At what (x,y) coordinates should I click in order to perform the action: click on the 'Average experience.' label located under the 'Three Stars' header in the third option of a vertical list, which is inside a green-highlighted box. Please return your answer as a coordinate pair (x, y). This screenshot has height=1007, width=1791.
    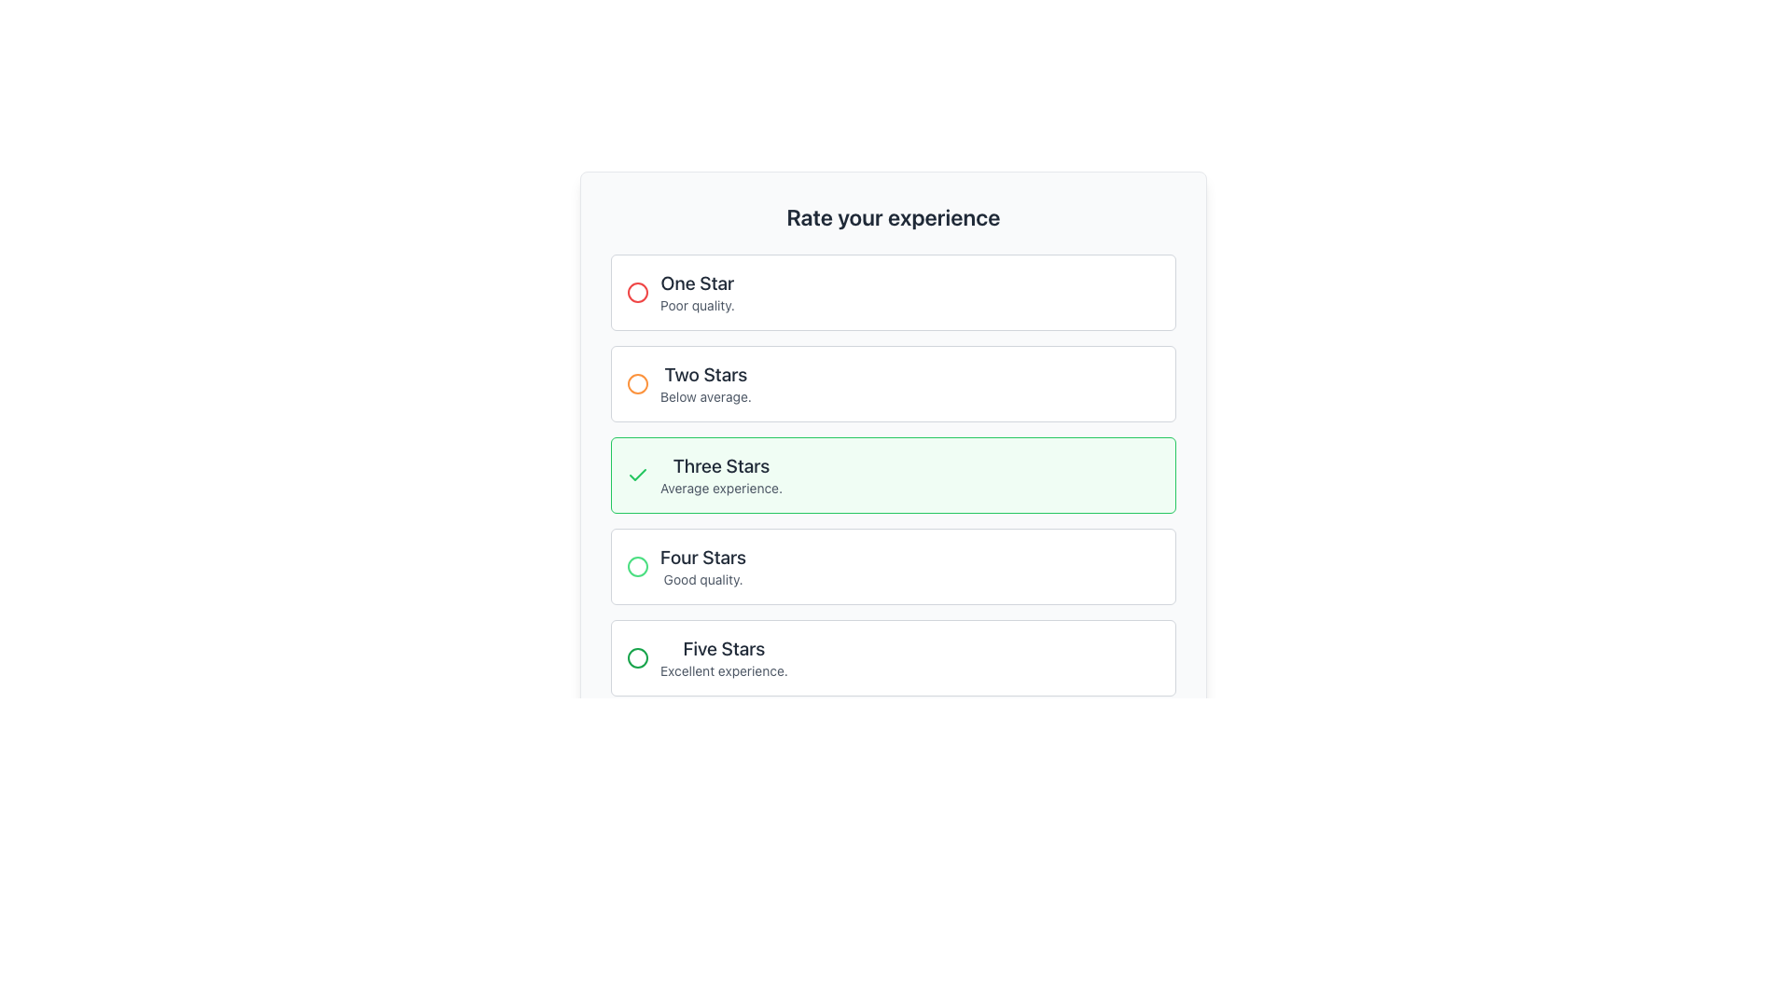
    Looking at the image, I should click on (720, 488).